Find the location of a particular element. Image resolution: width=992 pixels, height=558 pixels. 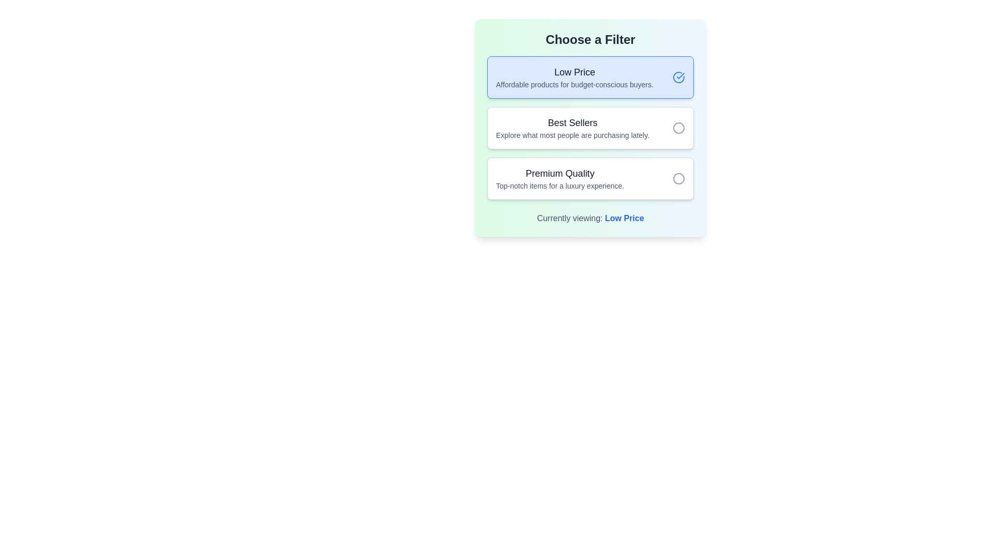

text label 'Low Price' which serves as the title for the filter selection menu under 'Choose a Filter' is located at coordinates (574, 71).